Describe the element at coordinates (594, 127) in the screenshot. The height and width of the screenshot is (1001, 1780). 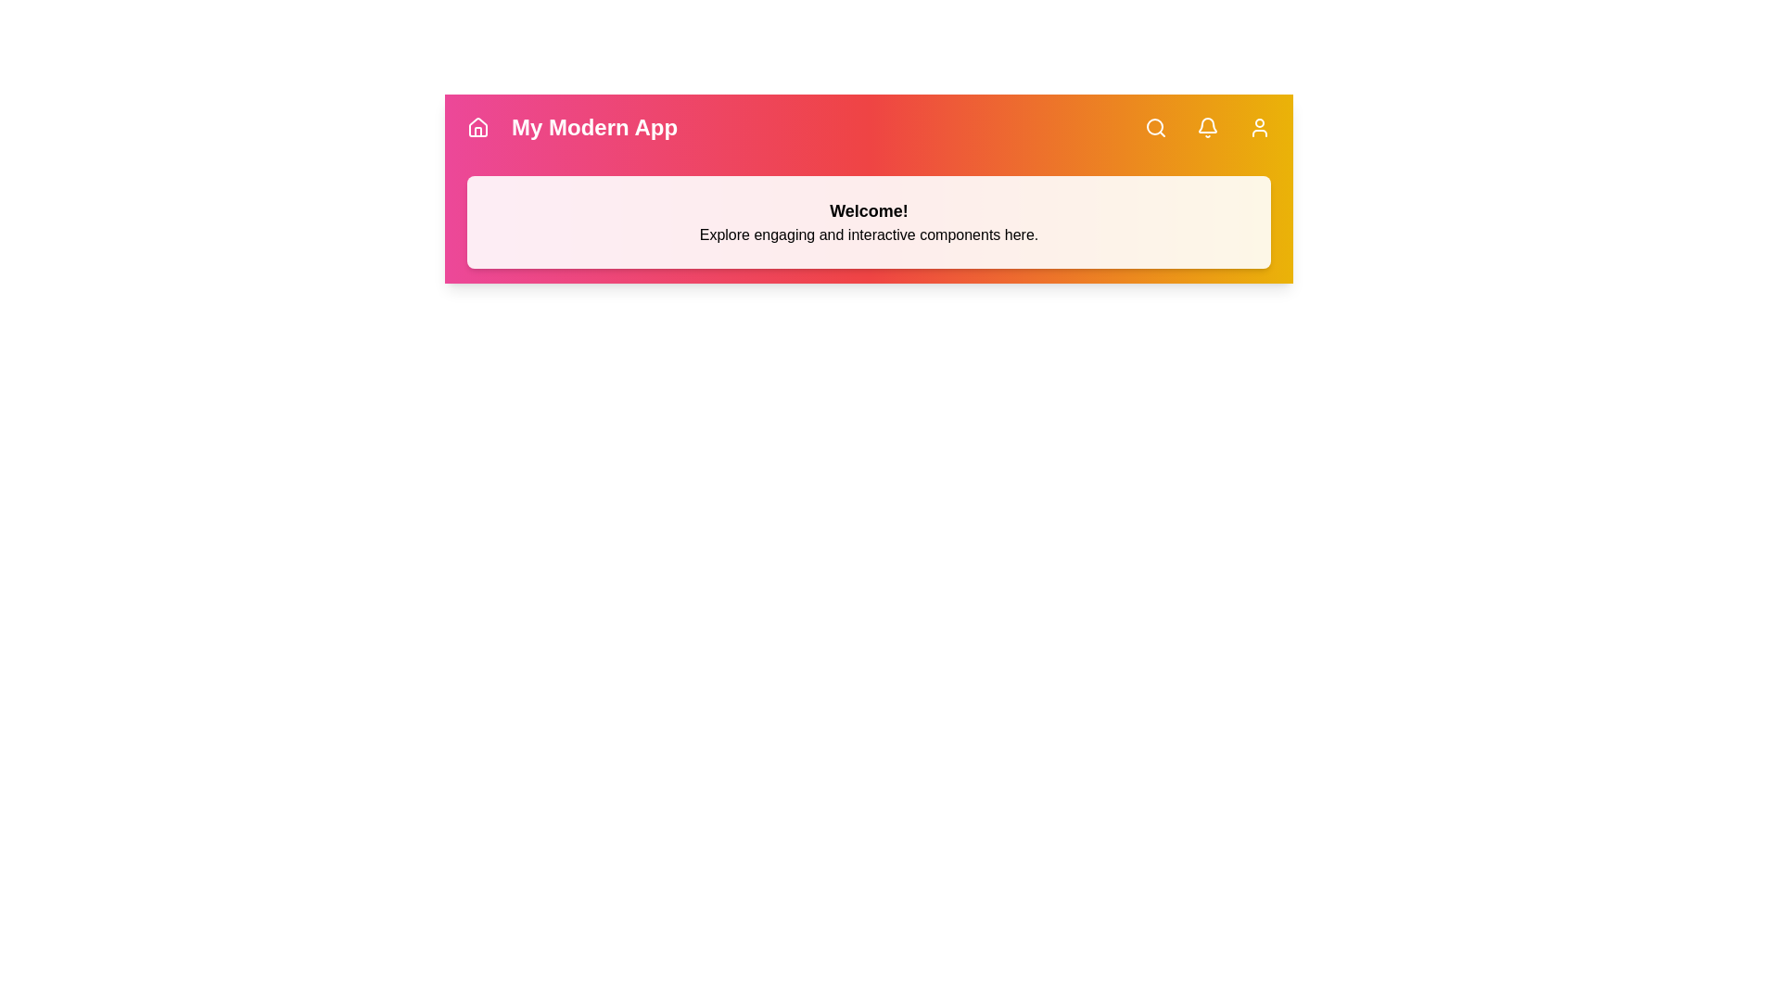
I see `the header text labeled 'My Modern App'` at that location.